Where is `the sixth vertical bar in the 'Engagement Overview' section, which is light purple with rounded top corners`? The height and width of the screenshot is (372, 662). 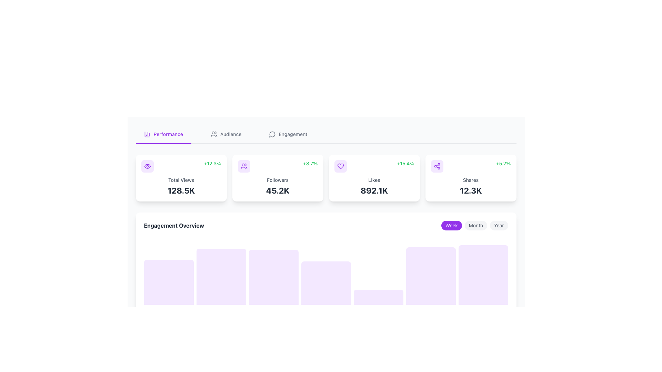 the sixth vertical bar in the 'Engagement Overview' section, which is light purple with rounded top corners is located at coordinates (430, 276).